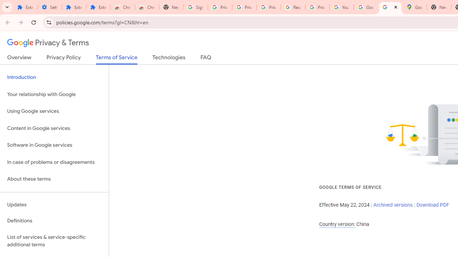  Describe the element at coordinates (54, 128) in the screenshot. I see `'Content in Google services'` at that location.